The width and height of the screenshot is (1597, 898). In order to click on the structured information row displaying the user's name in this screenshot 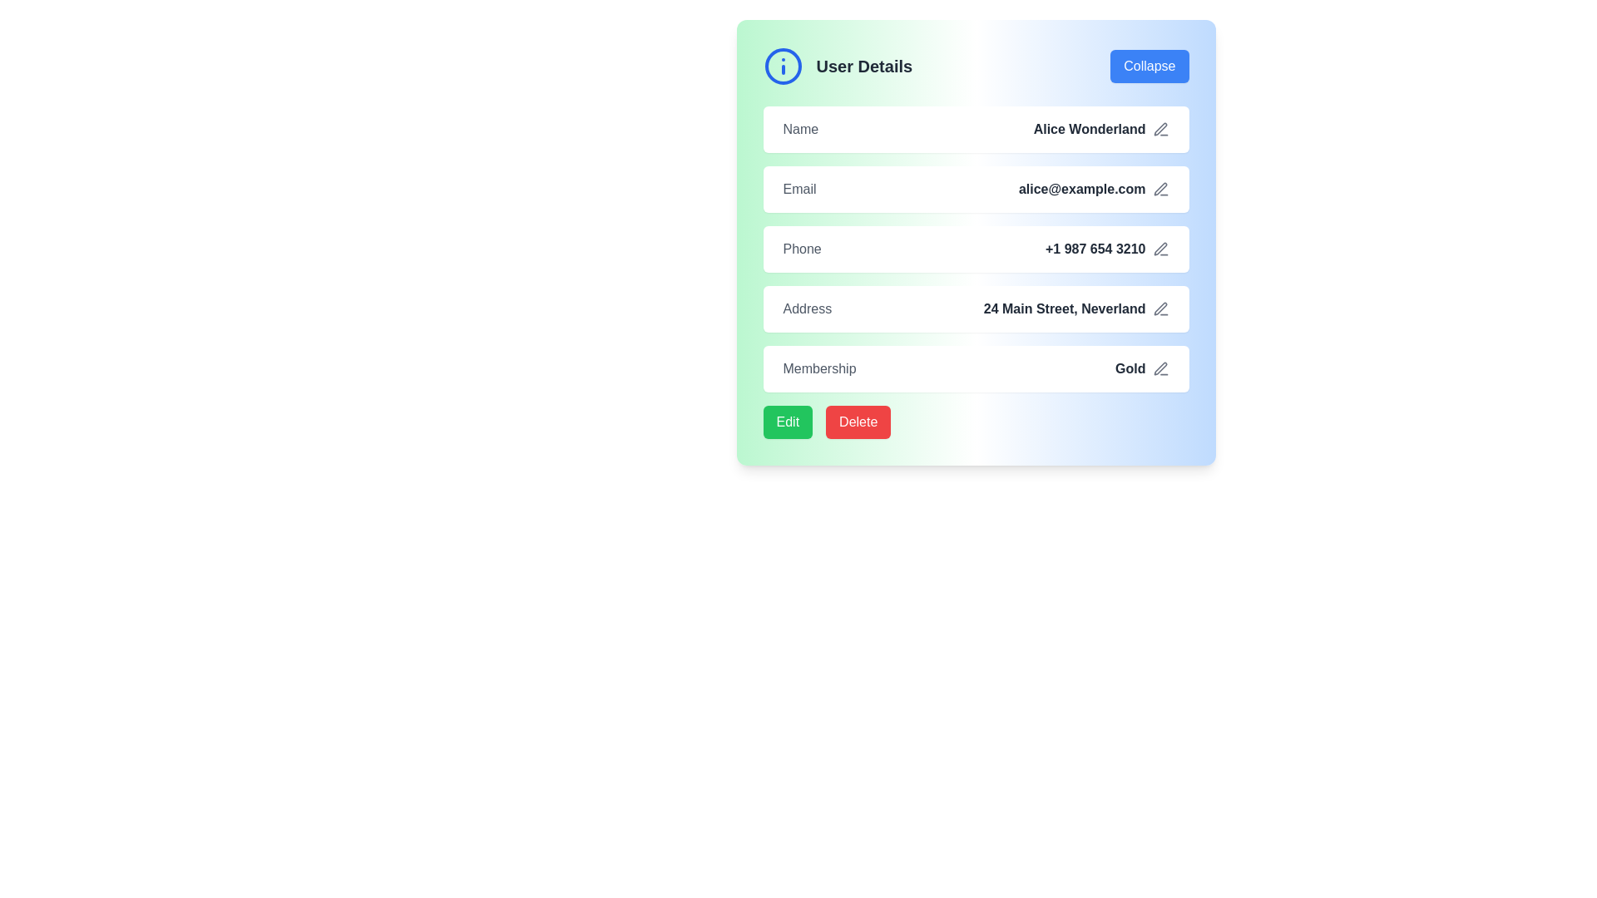, I will do `click(976, 128)`.